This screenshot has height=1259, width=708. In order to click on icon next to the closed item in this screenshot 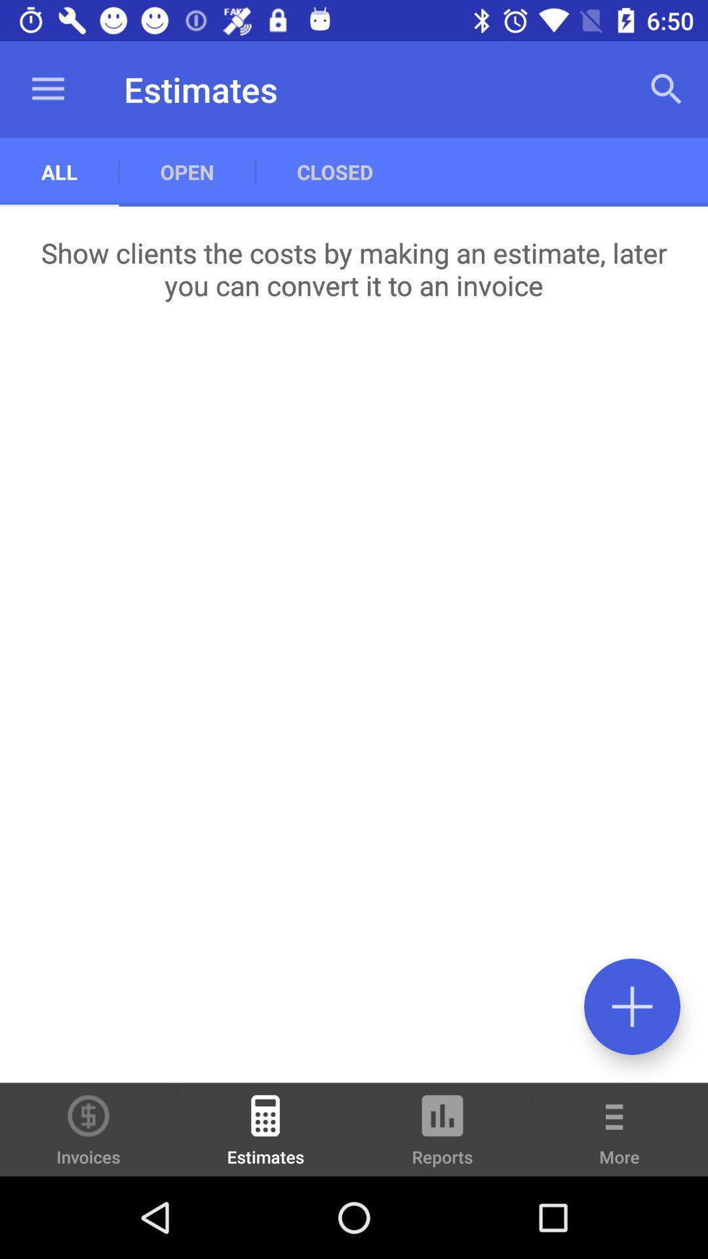, I will do `click(667, 89)`.